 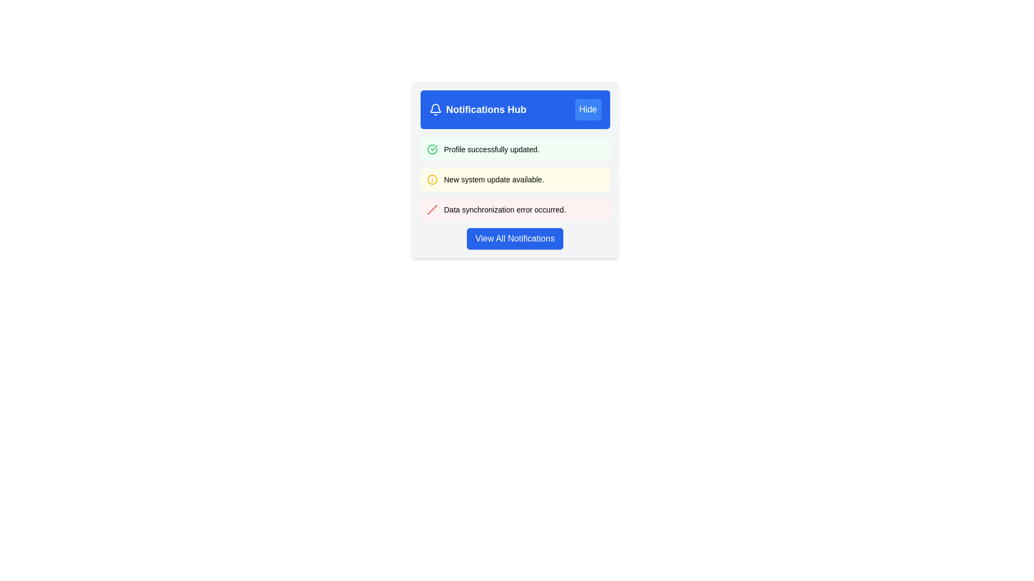 What do you see at coordinates (493, 179) in the screenshot?
I see `the static text notification about the system update, which is the second entry in the notification list next to the yellow exclamation mark icon in the Notifications Hub` at bounding box center [493, 179].